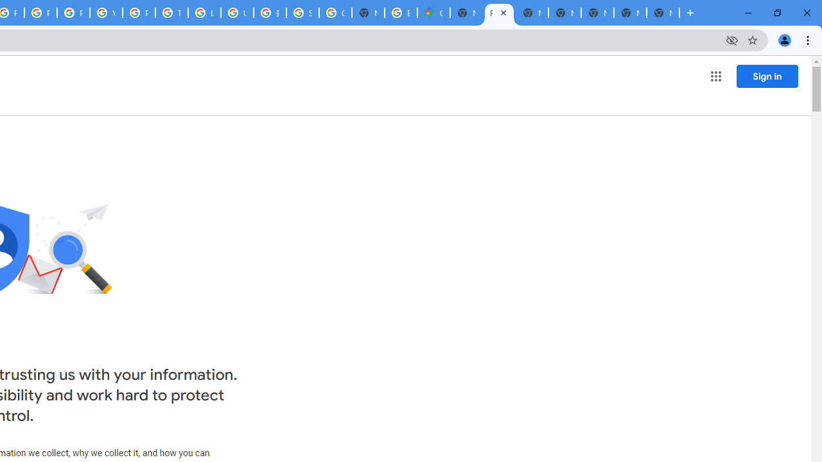 The width and height of the screenshot is (822, 462). I want to click on 'Tips & tricks for Chrome - Google Chrome Help', so click(171, 13).